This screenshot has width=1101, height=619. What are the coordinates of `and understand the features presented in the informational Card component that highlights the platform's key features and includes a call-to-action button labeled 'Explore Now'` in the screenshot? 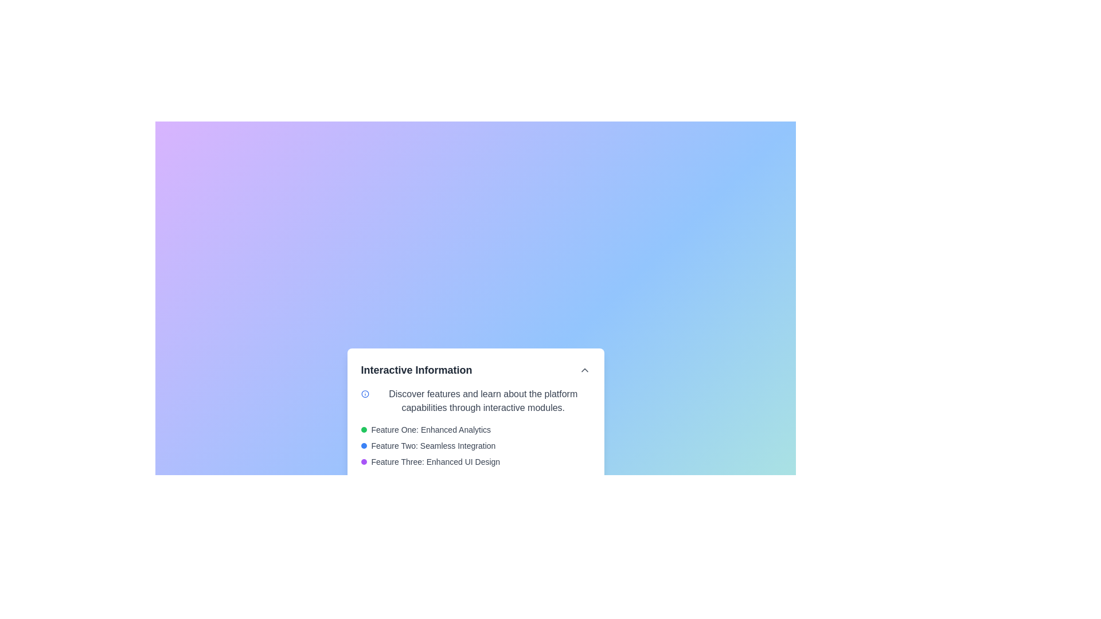 It's located at (475, 431).